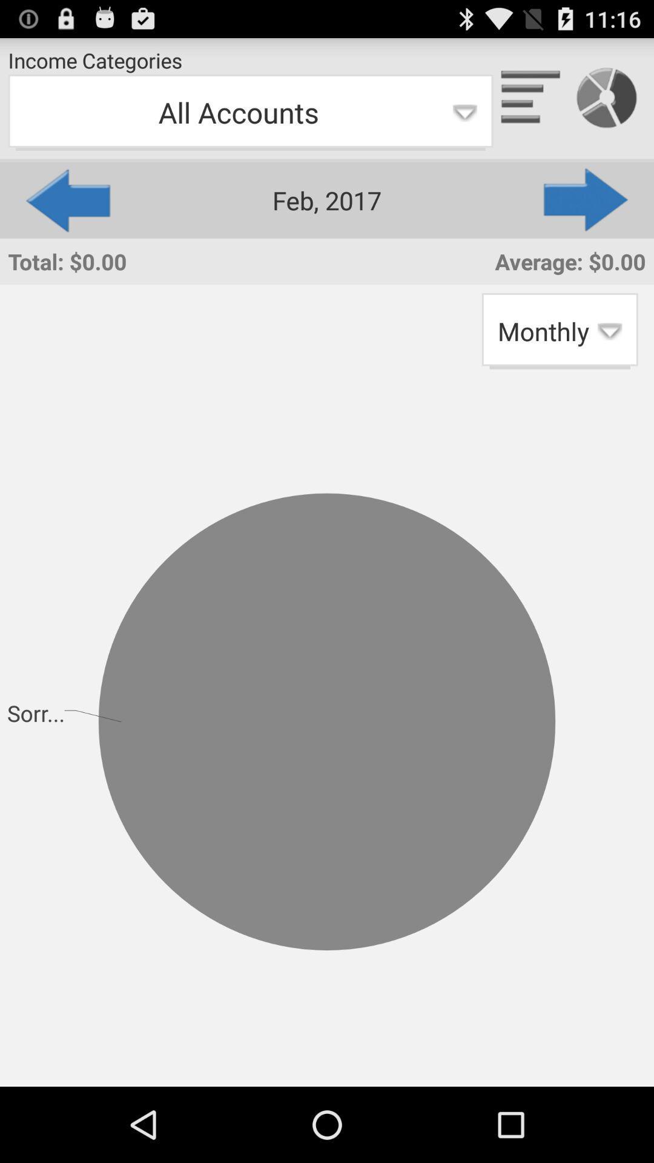 The image size is (654, 1163). What do you see at coordinates (586, 200) in the screenshot?
I see `the app above the average: $0.00 app` at bounding box center [586, 200].